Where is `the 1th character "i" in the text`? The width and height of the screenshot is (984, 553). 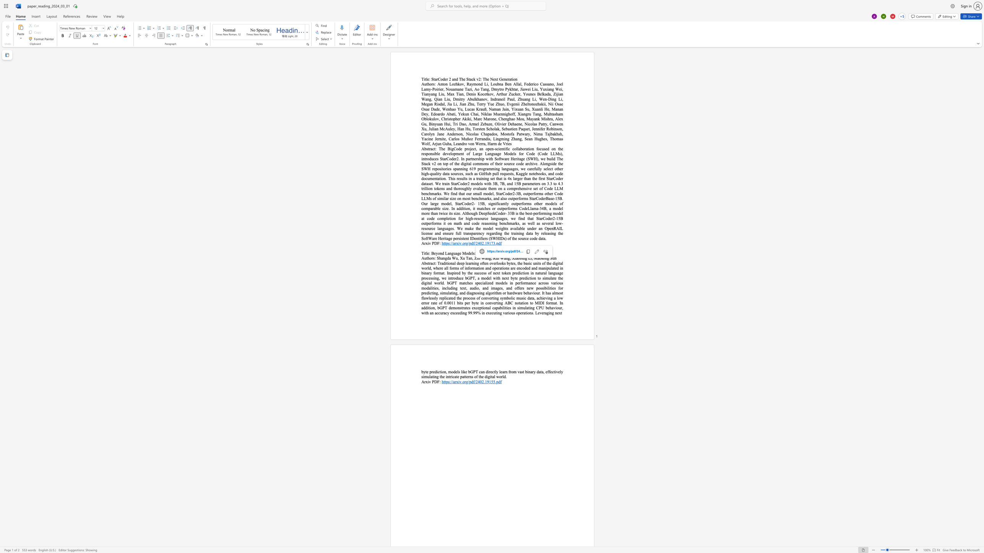
the 1th character "i" in the text is located at coordinates (515, 258).